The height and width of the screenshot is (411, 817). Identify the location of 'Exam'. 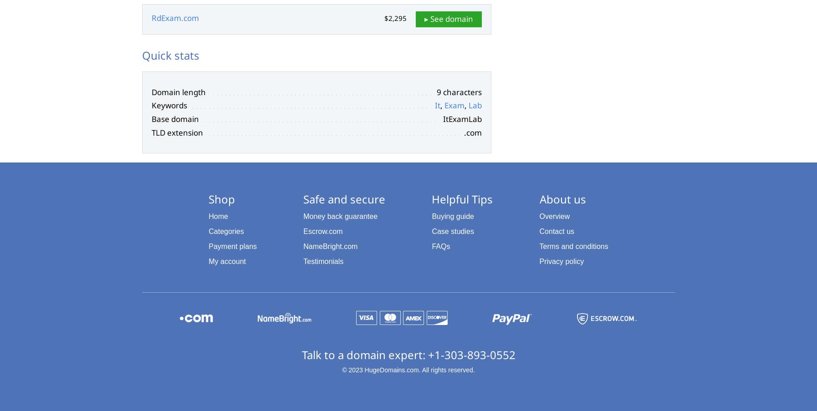
(444, 105).